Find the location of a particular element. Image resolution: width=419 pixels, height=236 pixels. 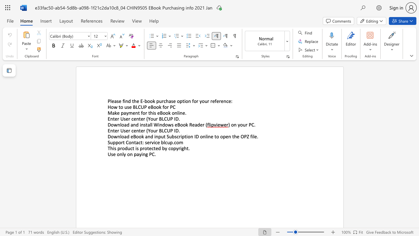

the subset text "g PC" within the text "Use only on paying PC." is located at coordinates (145, 154).